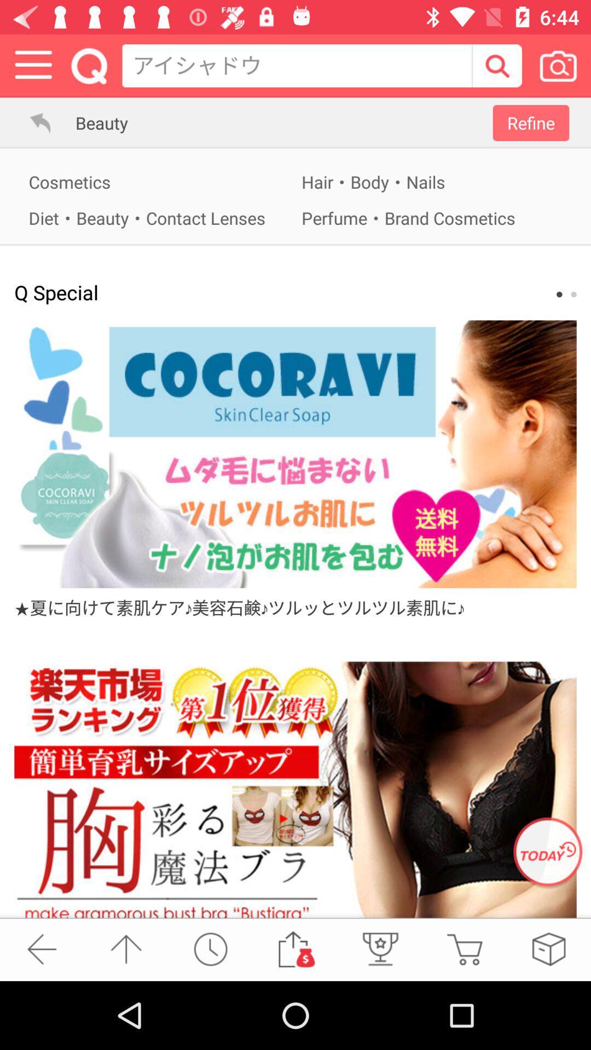  I want to click on search bar, so click(496, 65).